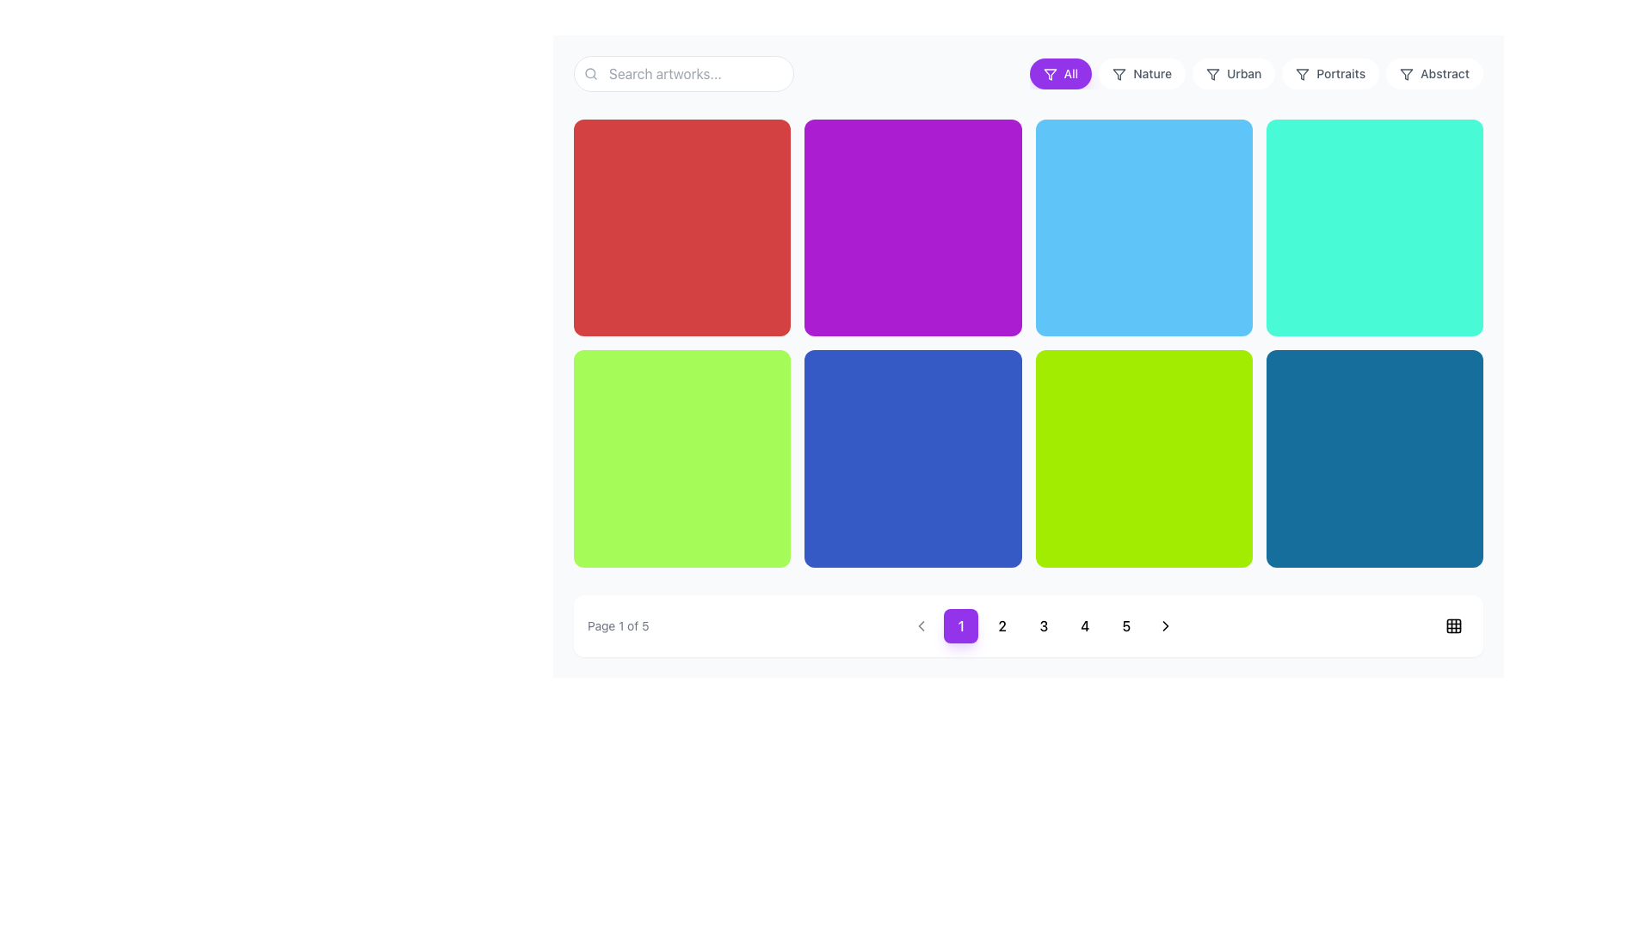 The height and width of the screenshot is (929, 1652). I want to click on the 'Nature' button, which is the second button in a horizontal list of category buttons, for visual feedback, so click(1142, 72).